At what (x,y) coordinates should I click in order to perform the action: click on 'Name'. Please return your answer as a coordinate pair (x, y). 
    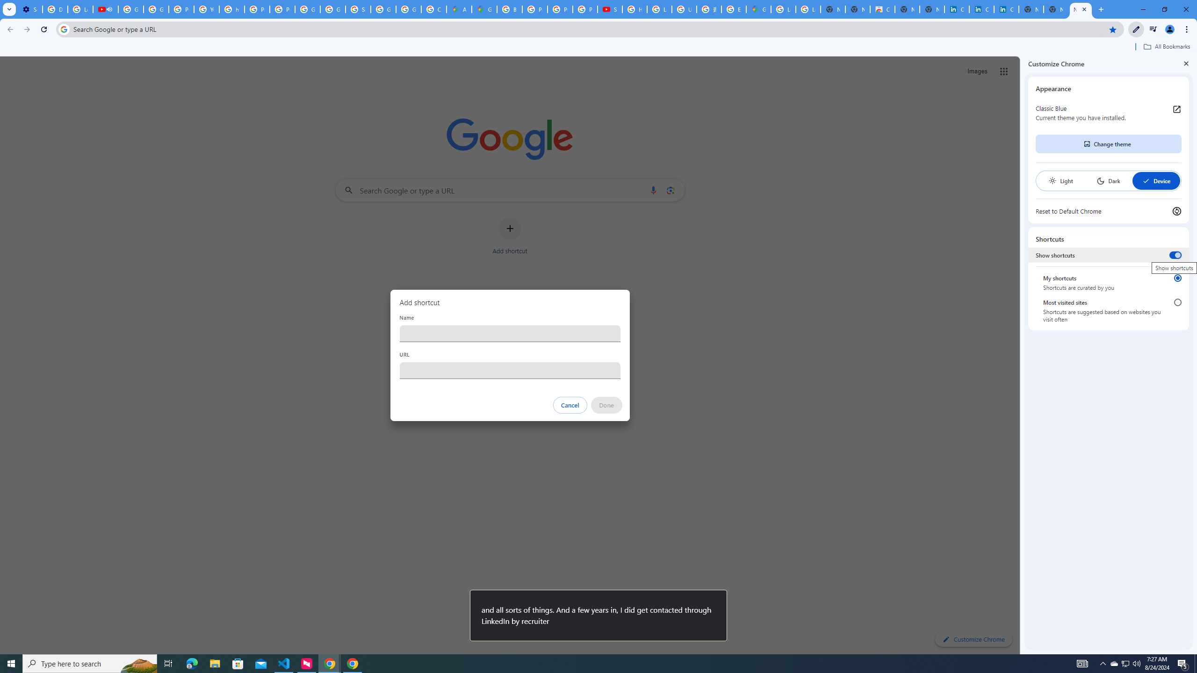
    Looking at the image, I should click on (509, 333).